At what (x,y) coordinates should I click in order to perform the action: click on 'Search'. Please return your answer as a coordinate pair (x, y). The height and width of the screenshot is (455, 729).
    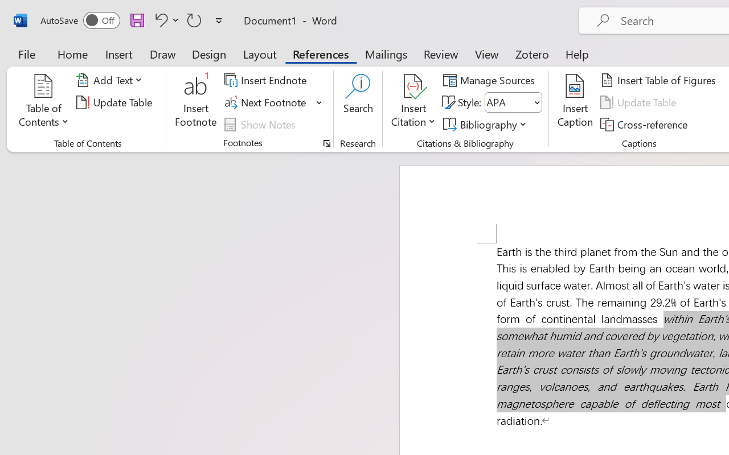
    Looking at the image, I should click on (358, 102).